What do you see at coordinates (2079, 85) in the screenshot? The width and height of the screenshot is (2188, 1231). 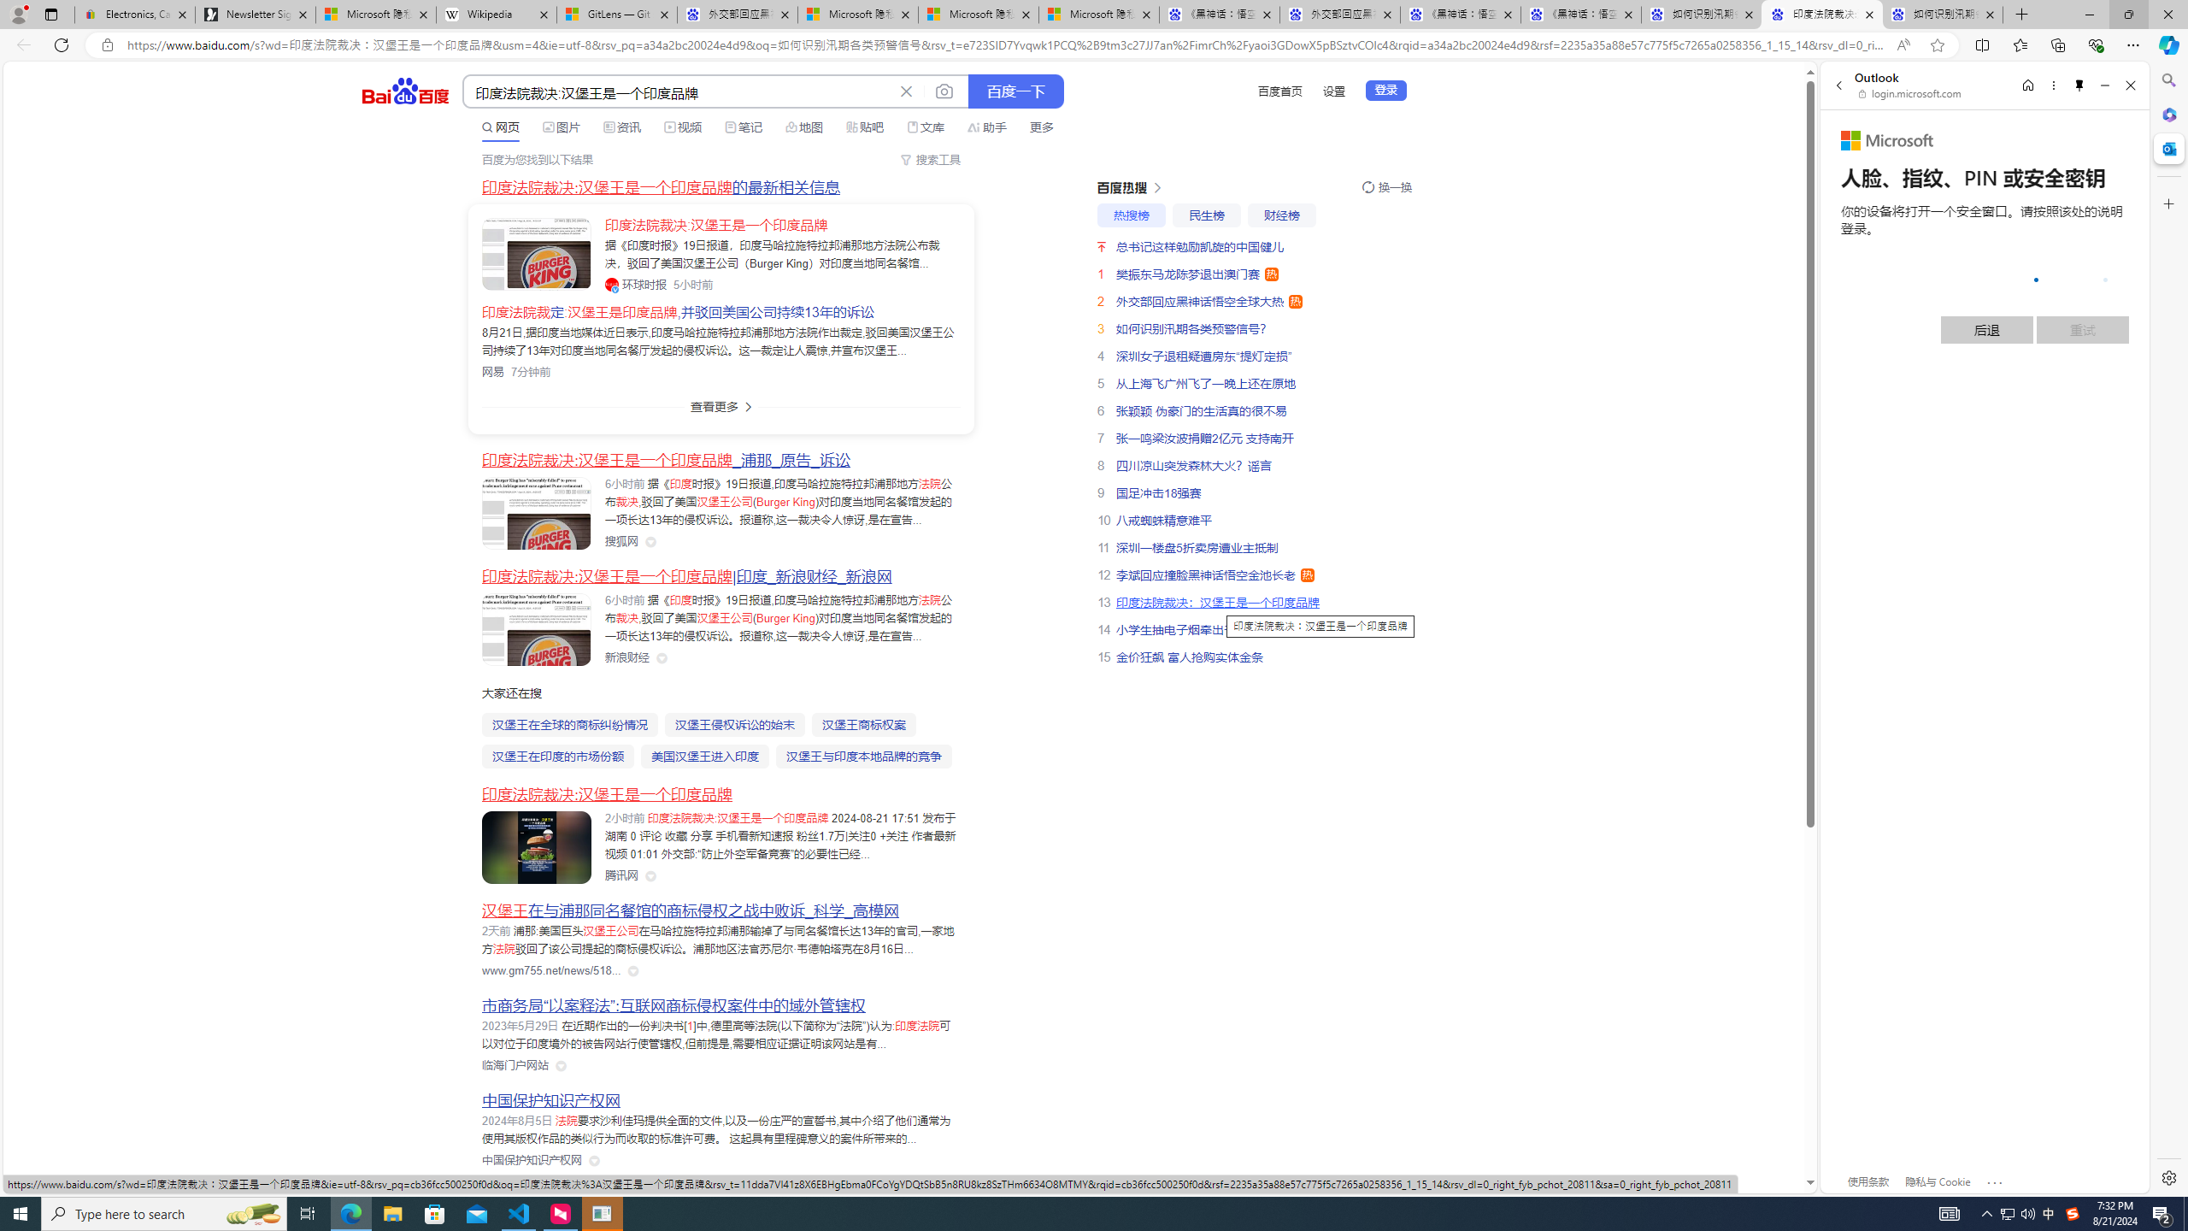 I see `'Unpin side pane'` at bounding box center [2079, 85].